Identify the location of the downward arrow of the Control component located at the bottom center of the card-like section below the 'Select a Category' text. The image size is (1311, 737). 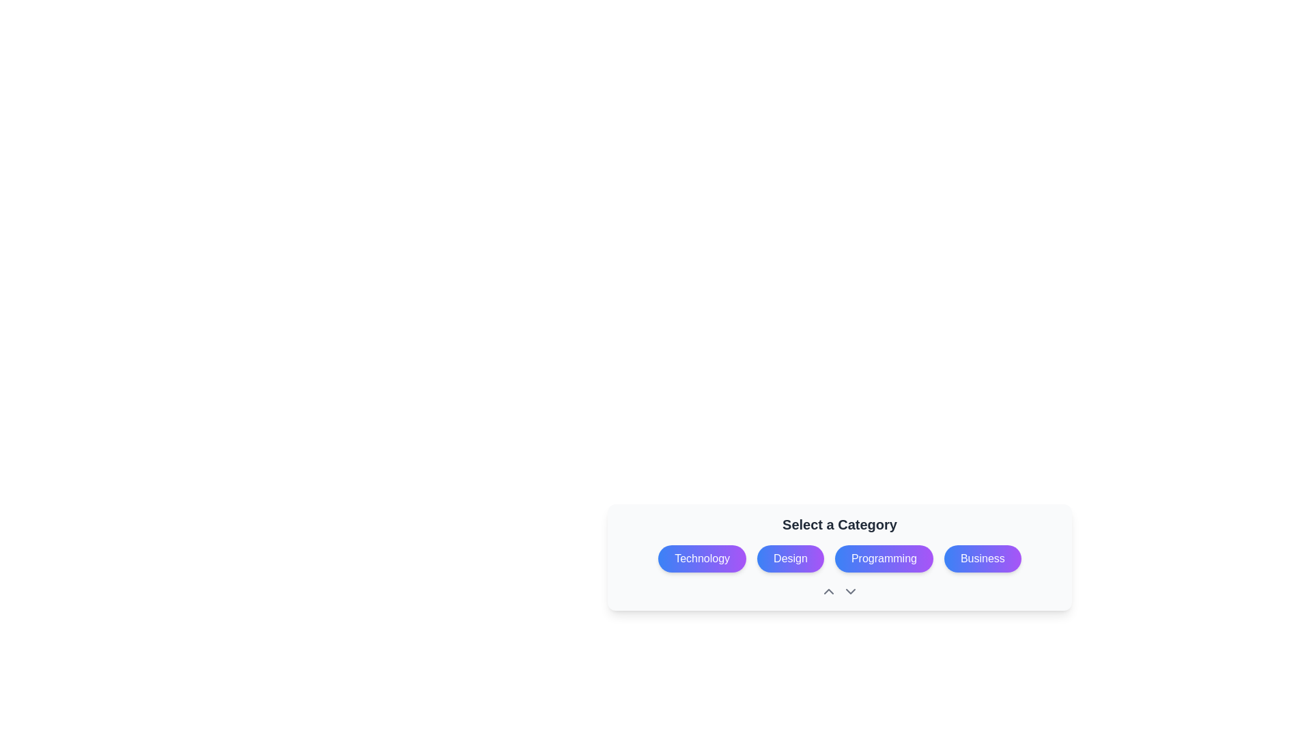
(838, 591).